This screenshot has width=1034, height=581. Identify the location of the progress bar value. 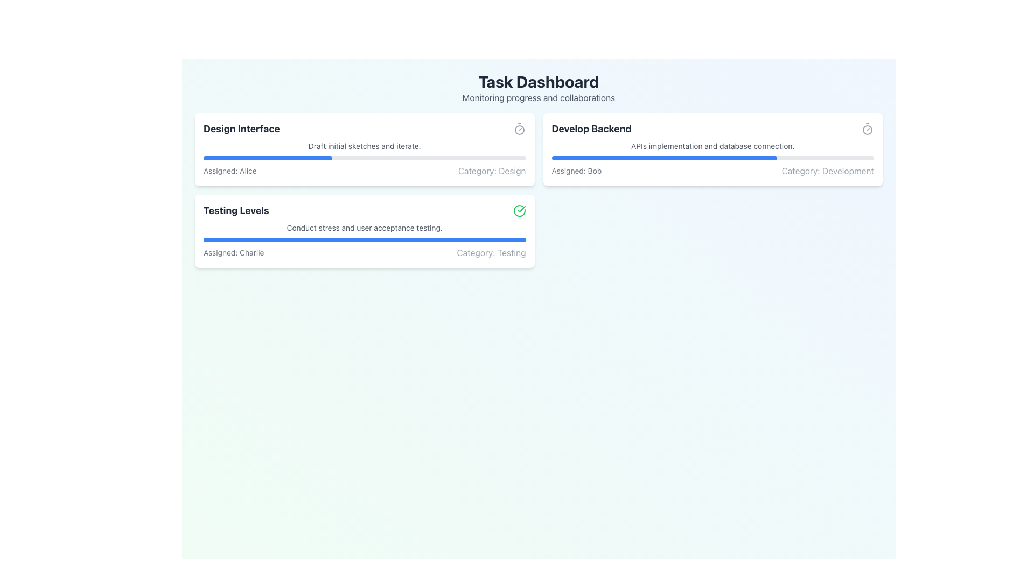
(694, 158).